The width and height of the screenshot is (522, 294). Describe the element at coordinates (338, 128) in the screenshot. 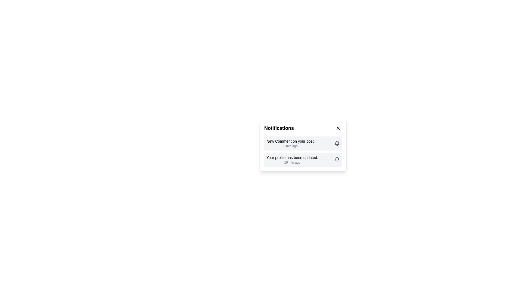

I see `the close button styled as an 'X' icon located in the top-right corner of the 'Notifications' section` at that location.